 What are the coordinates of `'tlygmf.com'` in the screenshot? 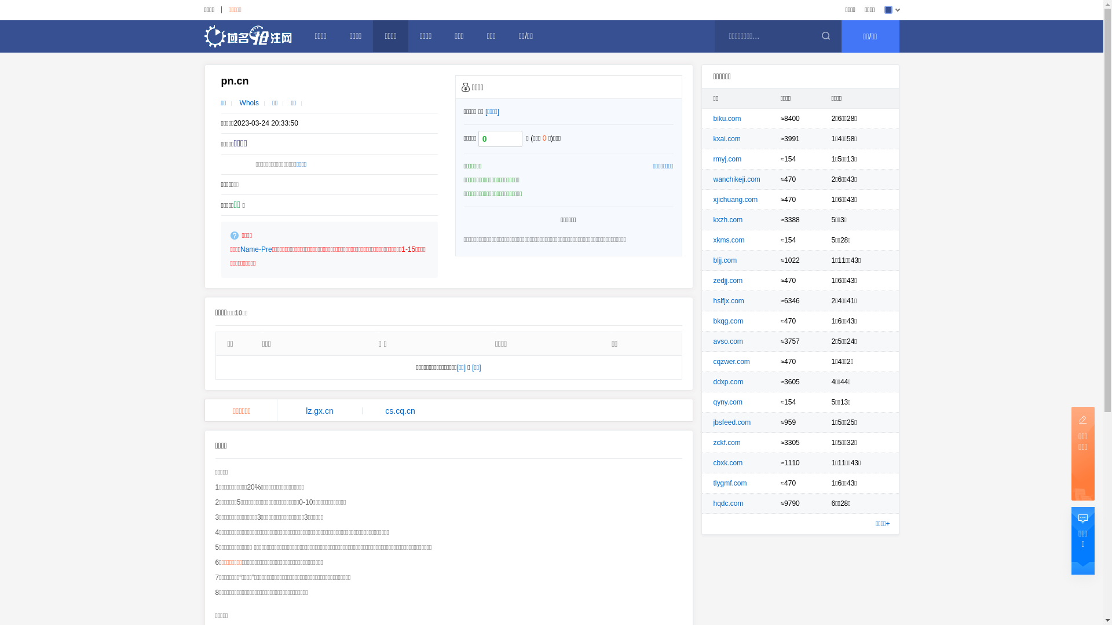 It's located at (730, 483).